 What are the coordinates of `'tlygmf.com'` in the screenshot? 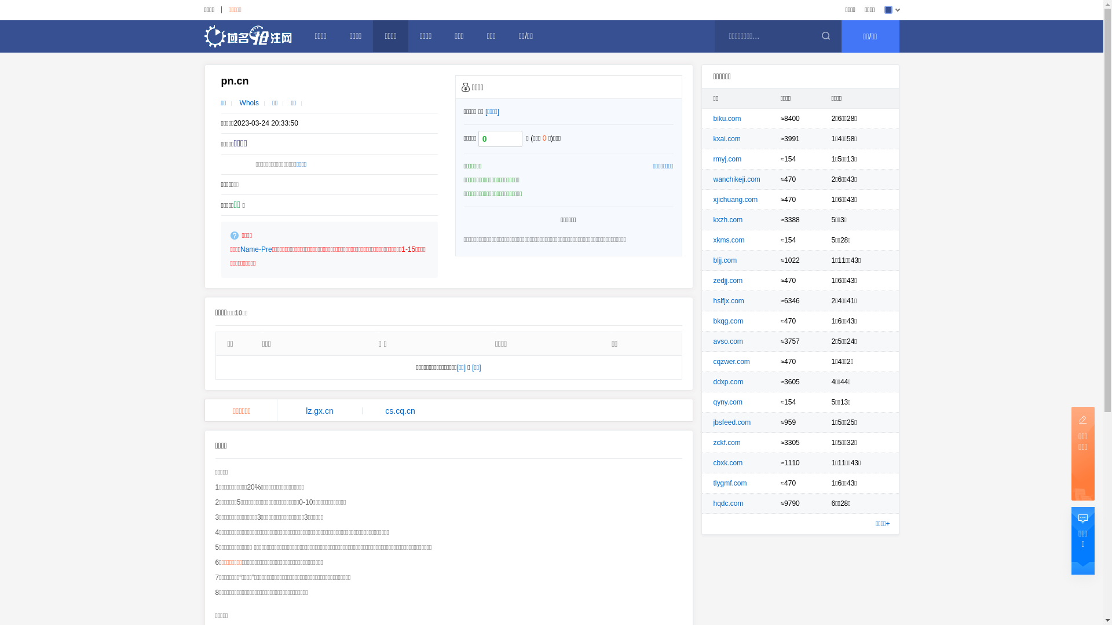 It's located at (730, 483).